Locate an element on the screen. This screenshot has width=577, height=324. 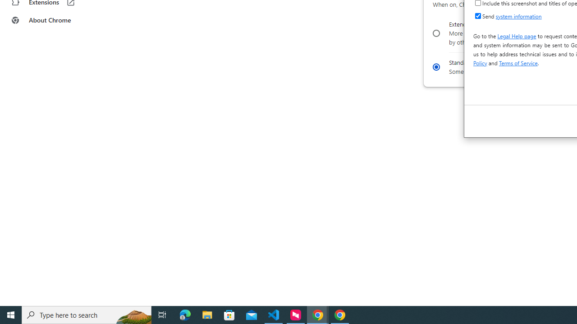
'system information' is located at coordinates (518, 16).